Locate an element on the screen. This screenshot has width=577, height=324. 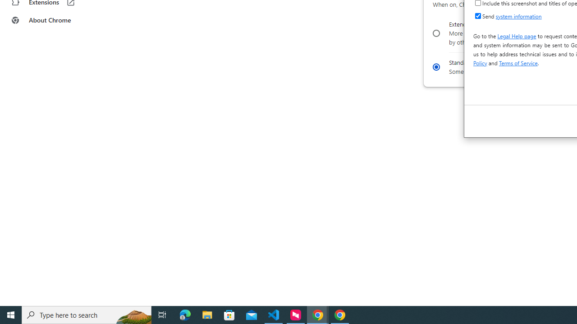
'system information' is located at coordinates (518, 16).